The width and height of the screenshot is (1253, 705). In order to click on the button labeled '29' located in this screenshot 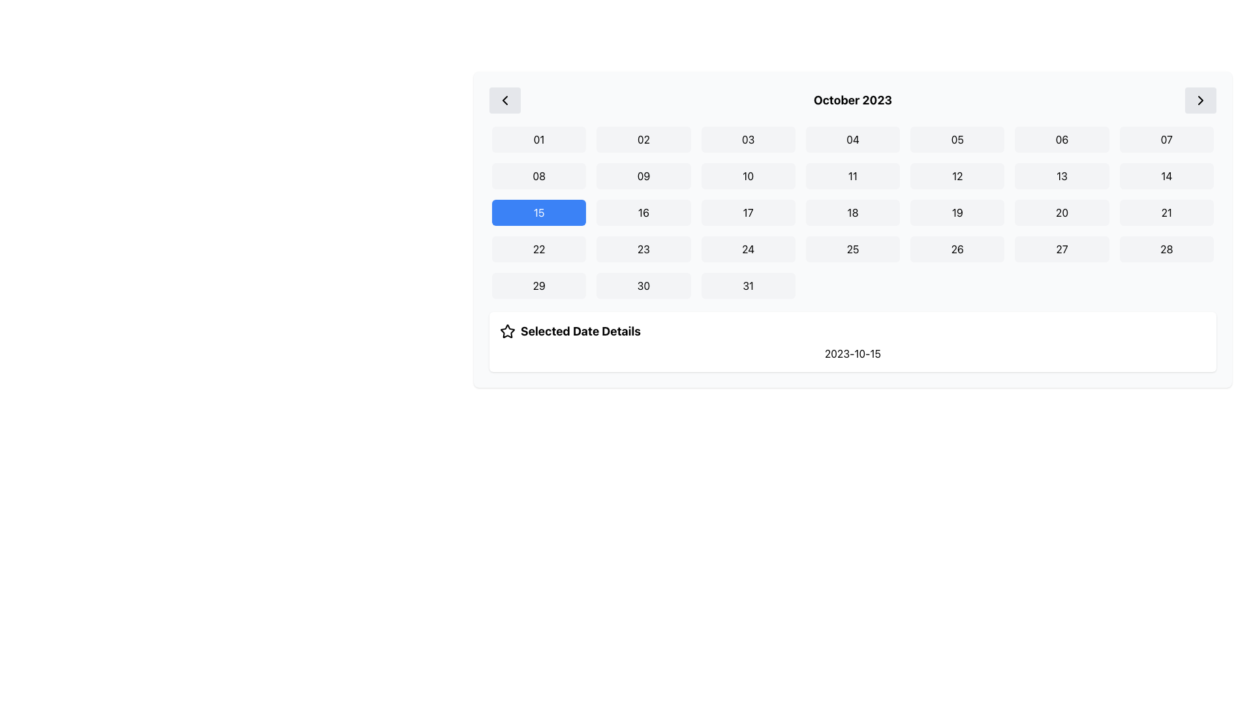, I will do `click(539, 285)`.